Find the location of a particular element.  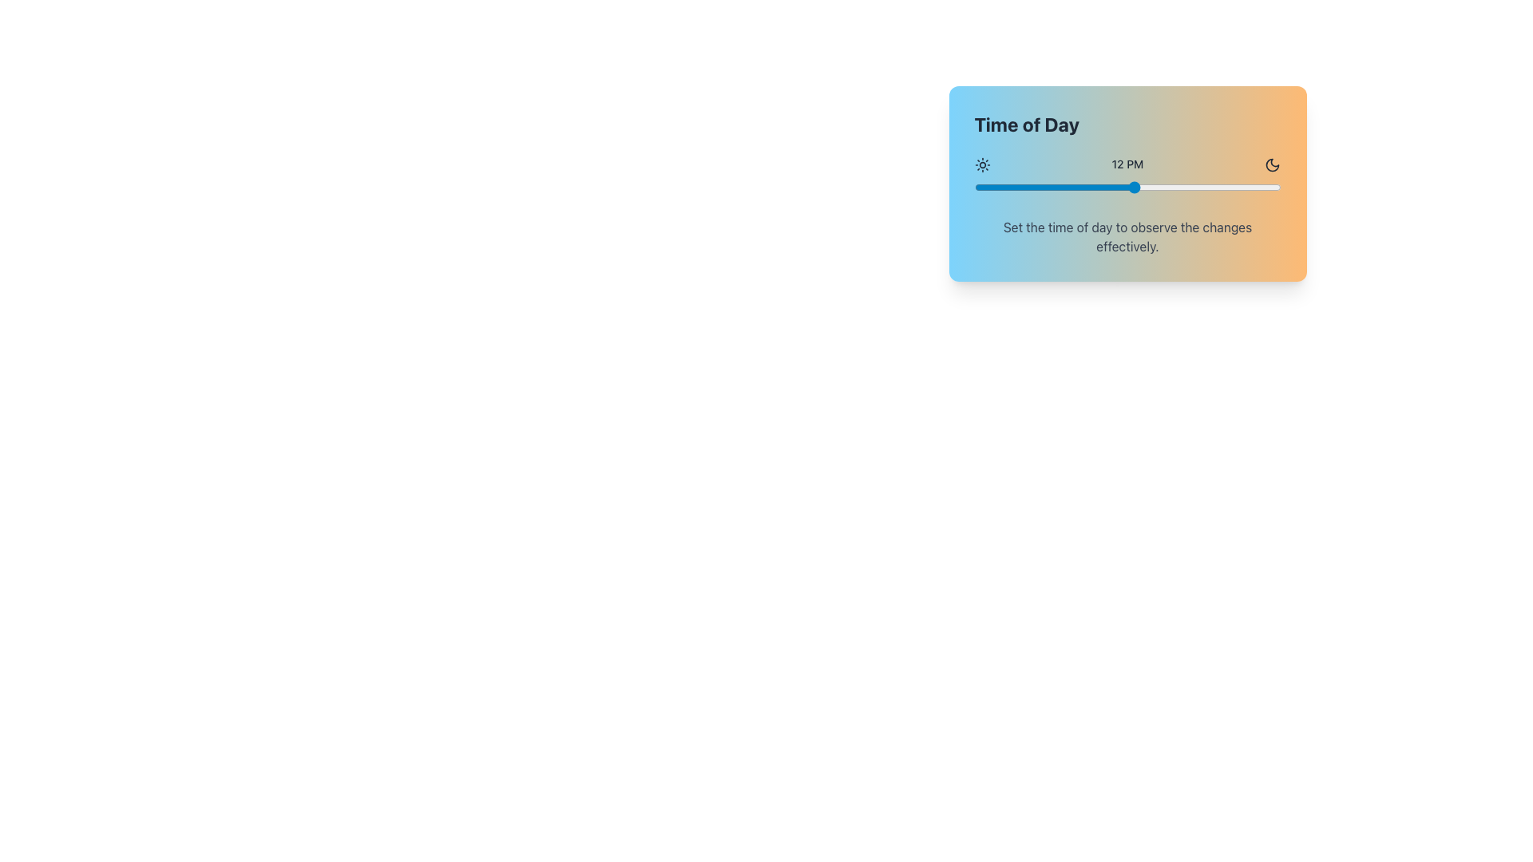

the slider value is located at coordinates (1240, 187).